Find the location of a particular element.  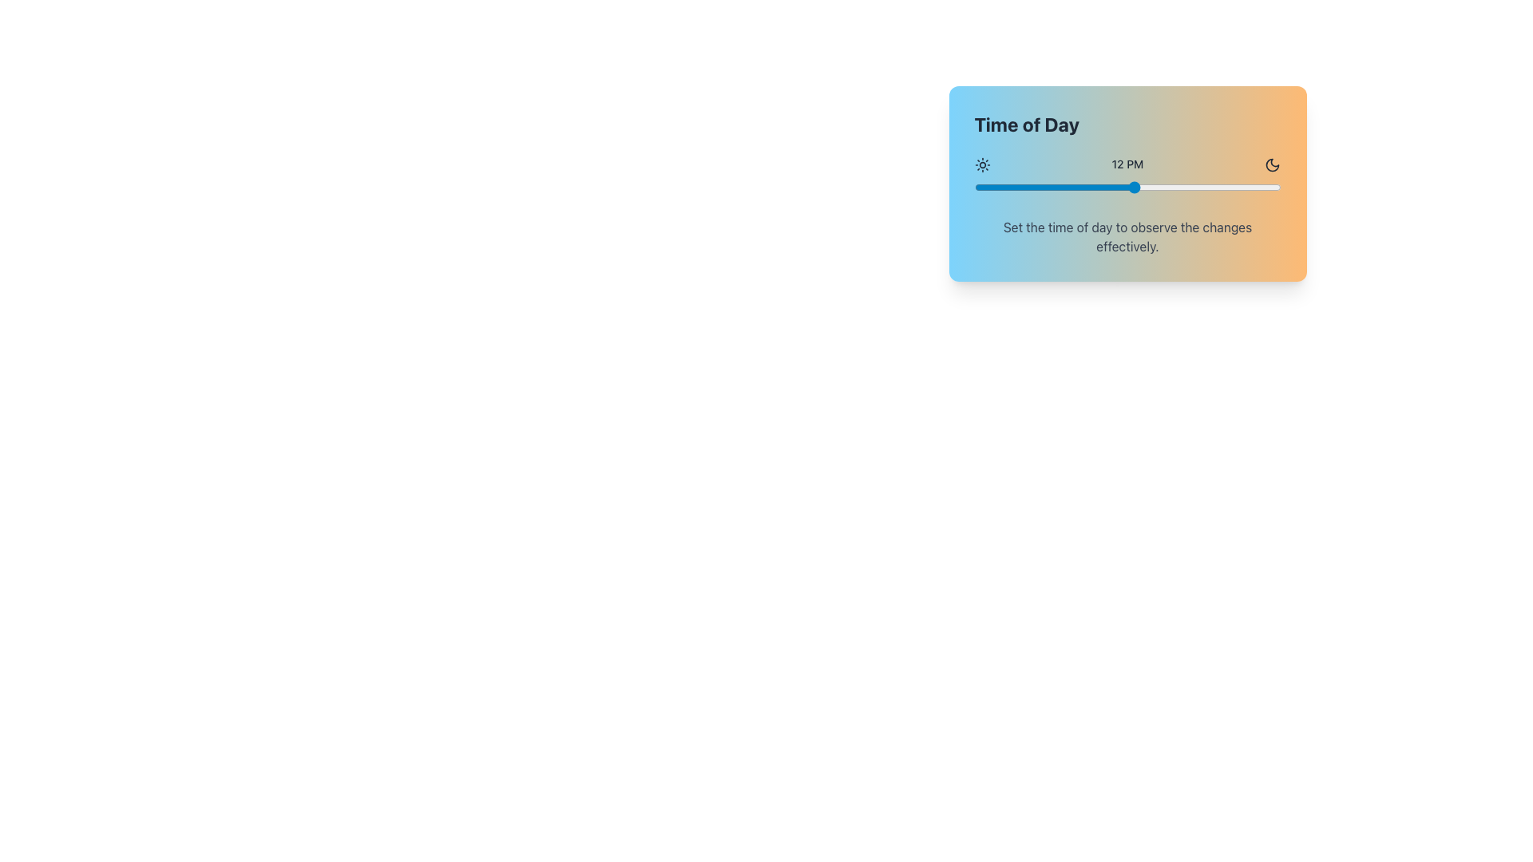

the slider value is located at coordinates (1240, 187).